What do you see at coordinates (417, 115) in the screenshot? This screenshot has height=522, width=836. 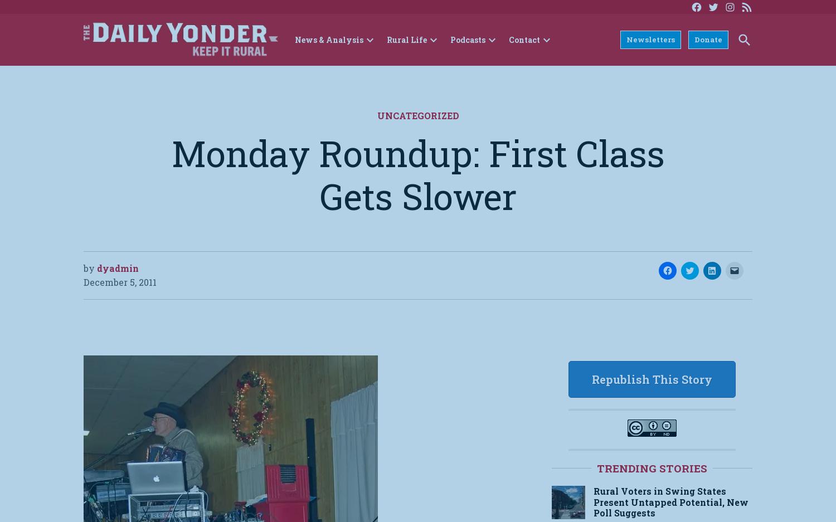 I see `'Uncategorized'` at bounding box center [417, 115].